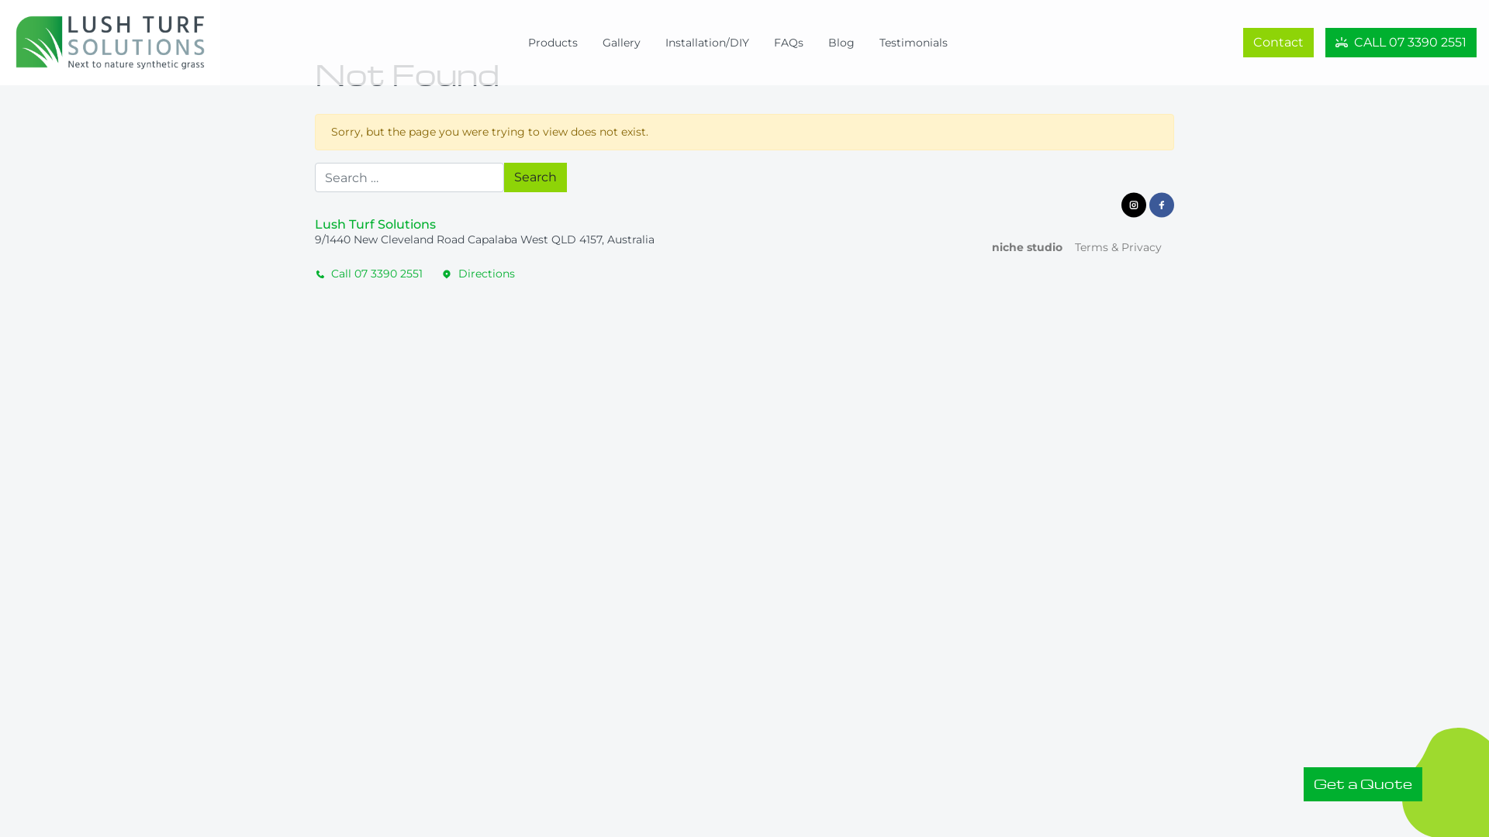  Describe the element at coordinates (1401, 41) in the screenshot. I see `'CALL 07 3390 2551'` at that location.